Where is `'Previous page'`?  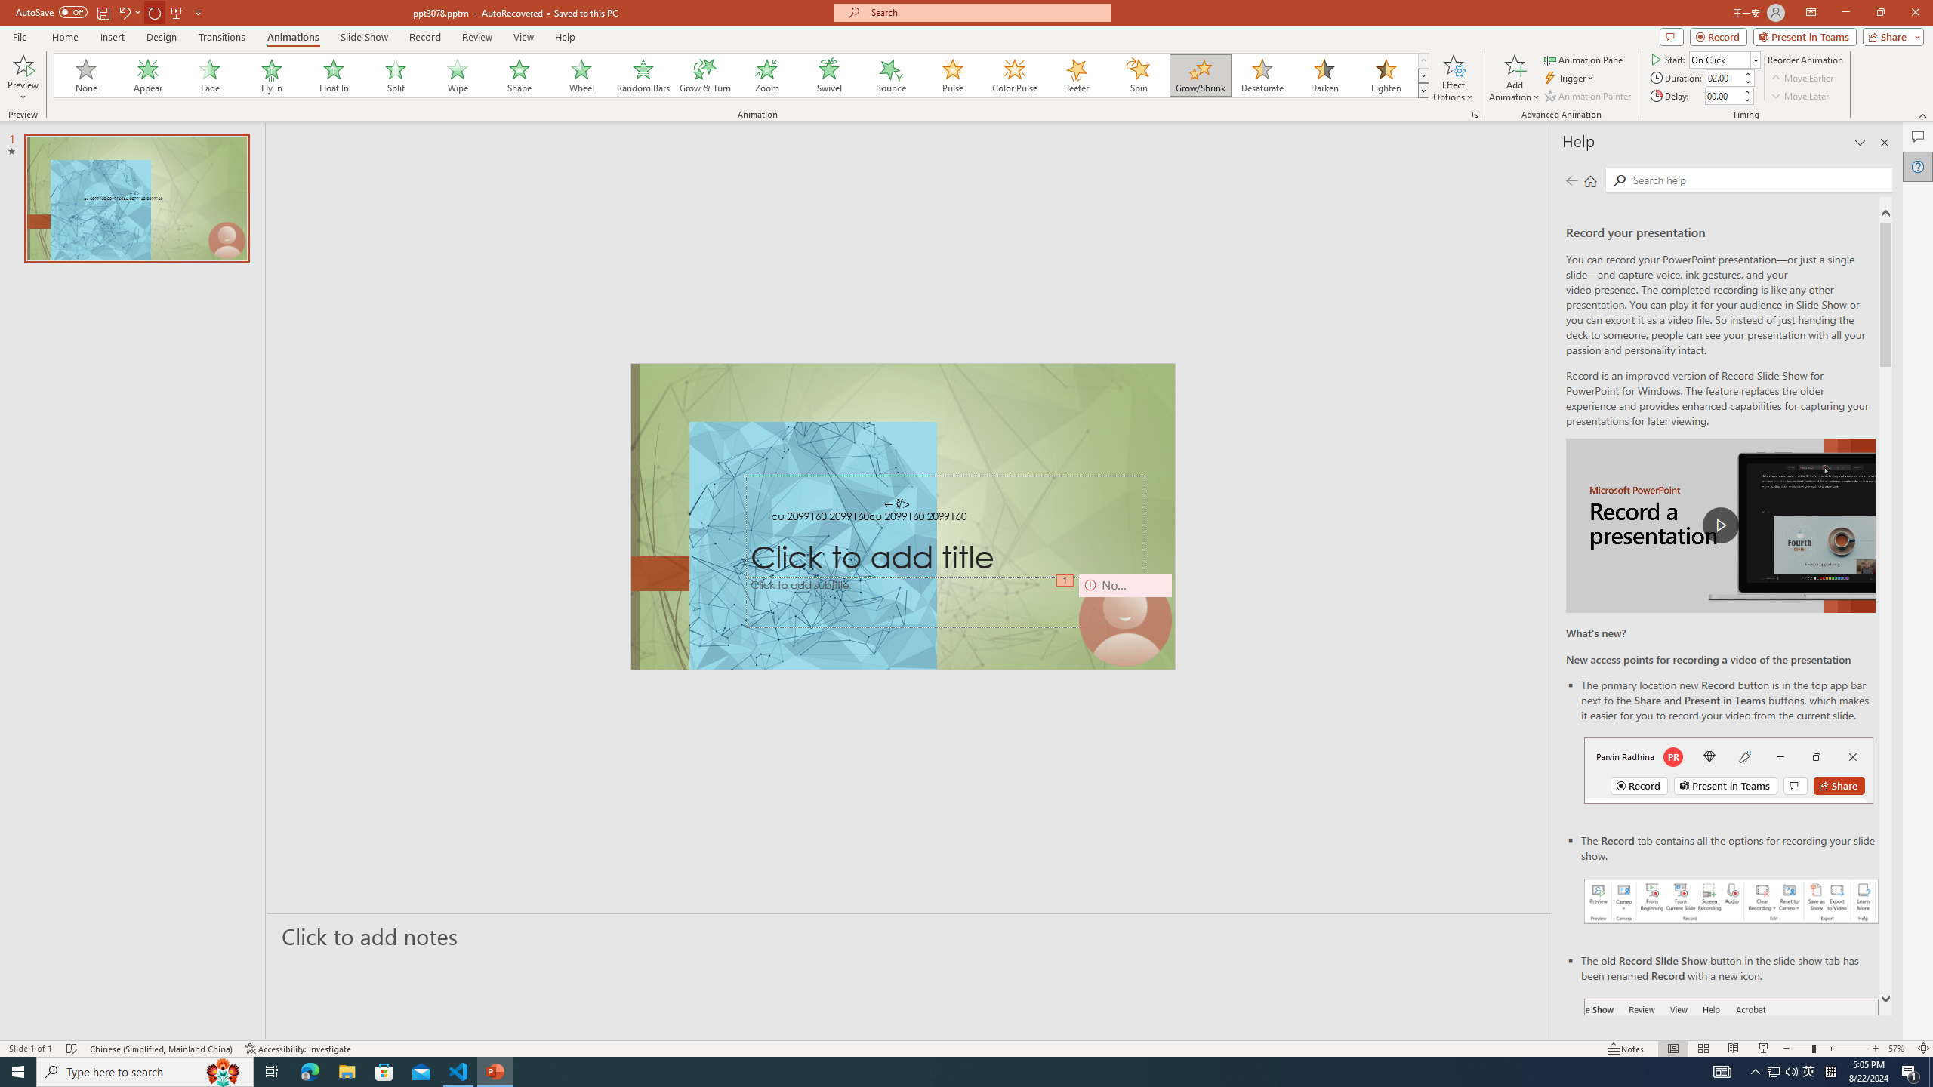
'Previous page' is located at coordinates (1571, 180).